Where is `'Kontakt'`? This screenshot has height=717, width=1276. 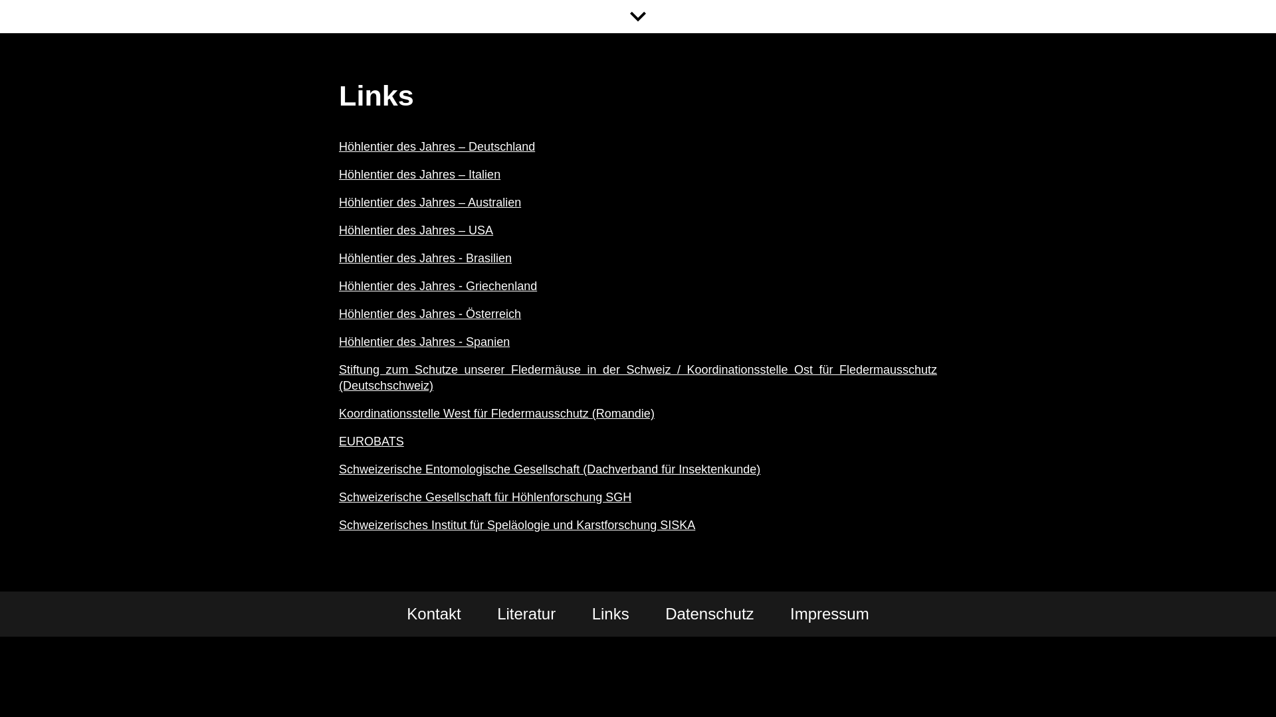 'Kontakt' is located at coordinates (433, 614).